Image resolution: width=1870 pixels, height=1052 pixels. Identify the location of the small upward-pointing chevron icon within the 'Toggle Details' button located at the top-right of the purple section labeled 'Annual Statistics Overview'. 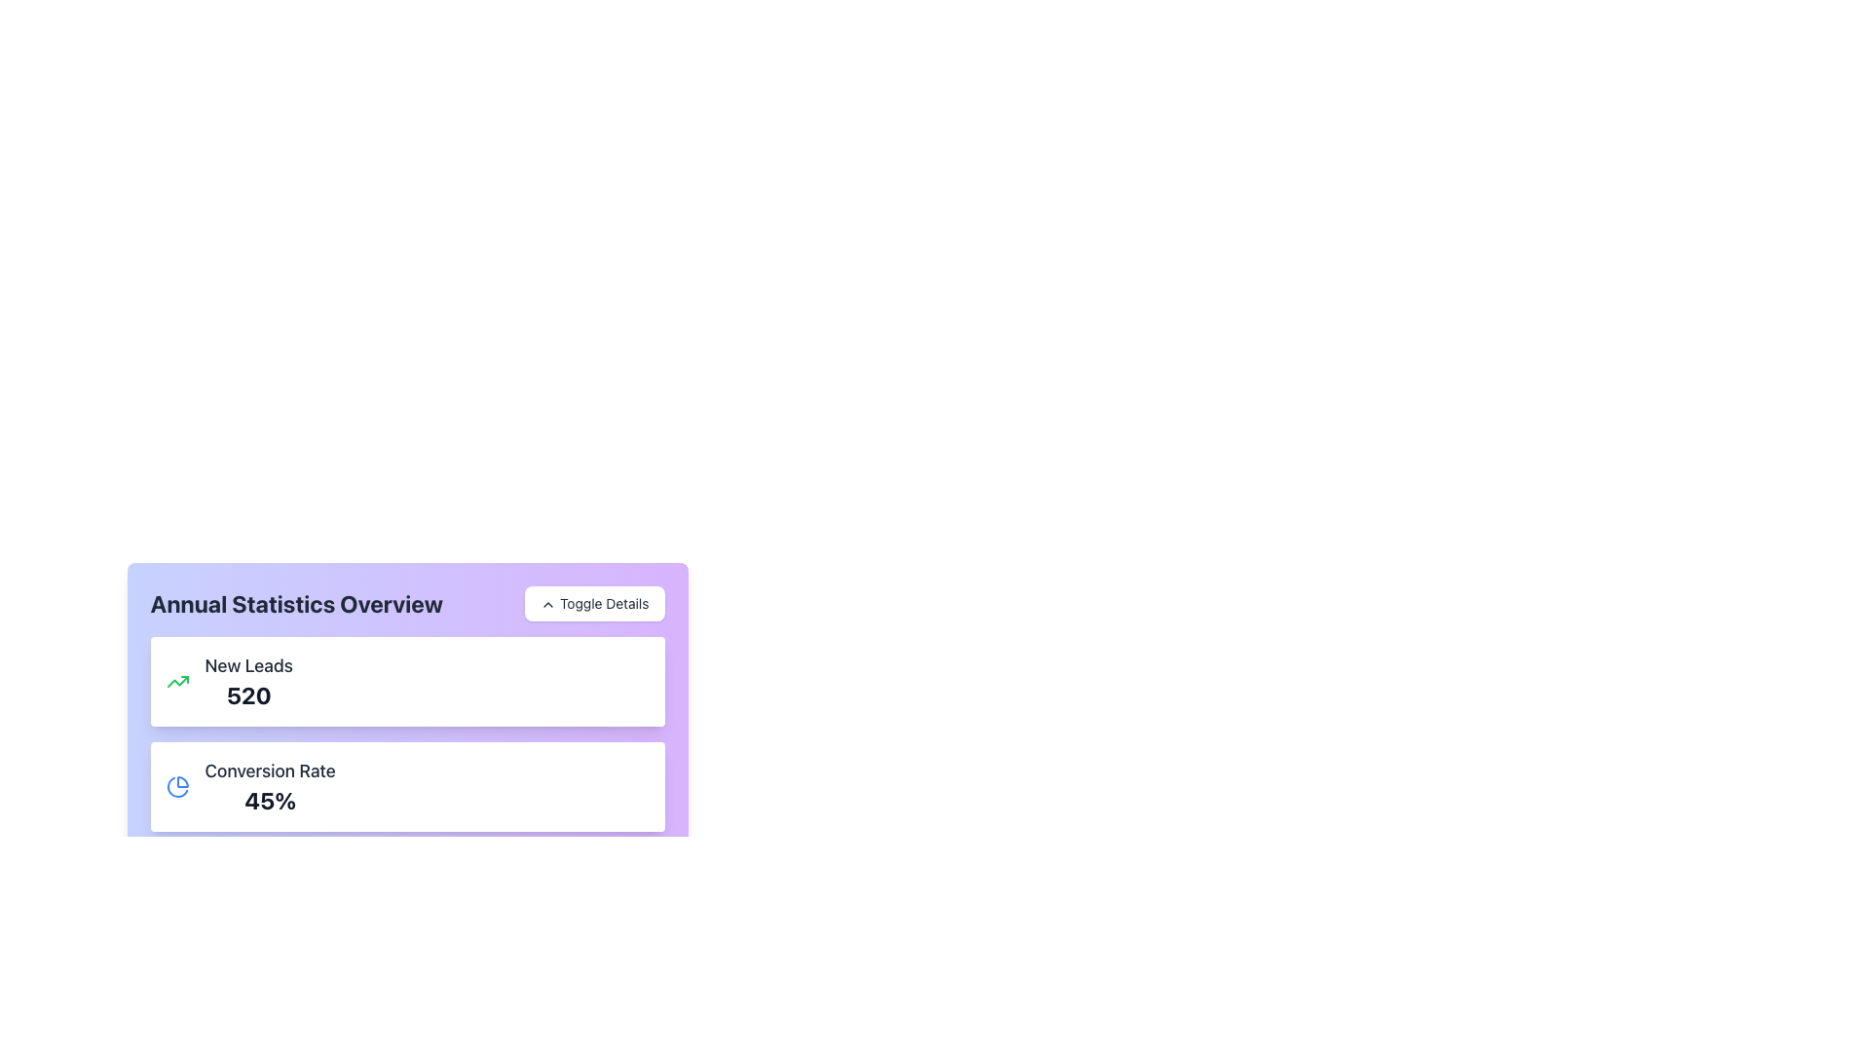
(547, 604).